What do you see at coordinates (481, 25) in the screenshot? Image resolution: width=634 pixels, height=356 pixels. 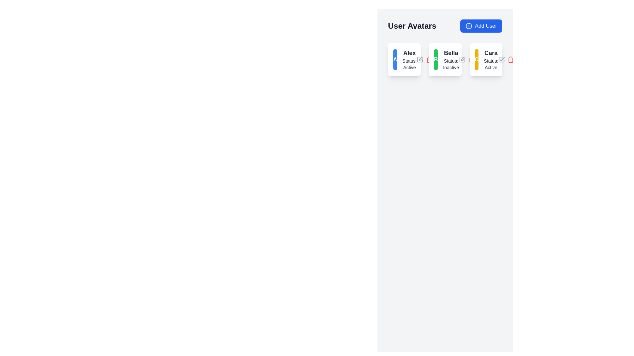 I see `the button located to the right of the 'User Avatars' text in the header section to initiate the action of adding a new user` at bounding box center [481, 25].